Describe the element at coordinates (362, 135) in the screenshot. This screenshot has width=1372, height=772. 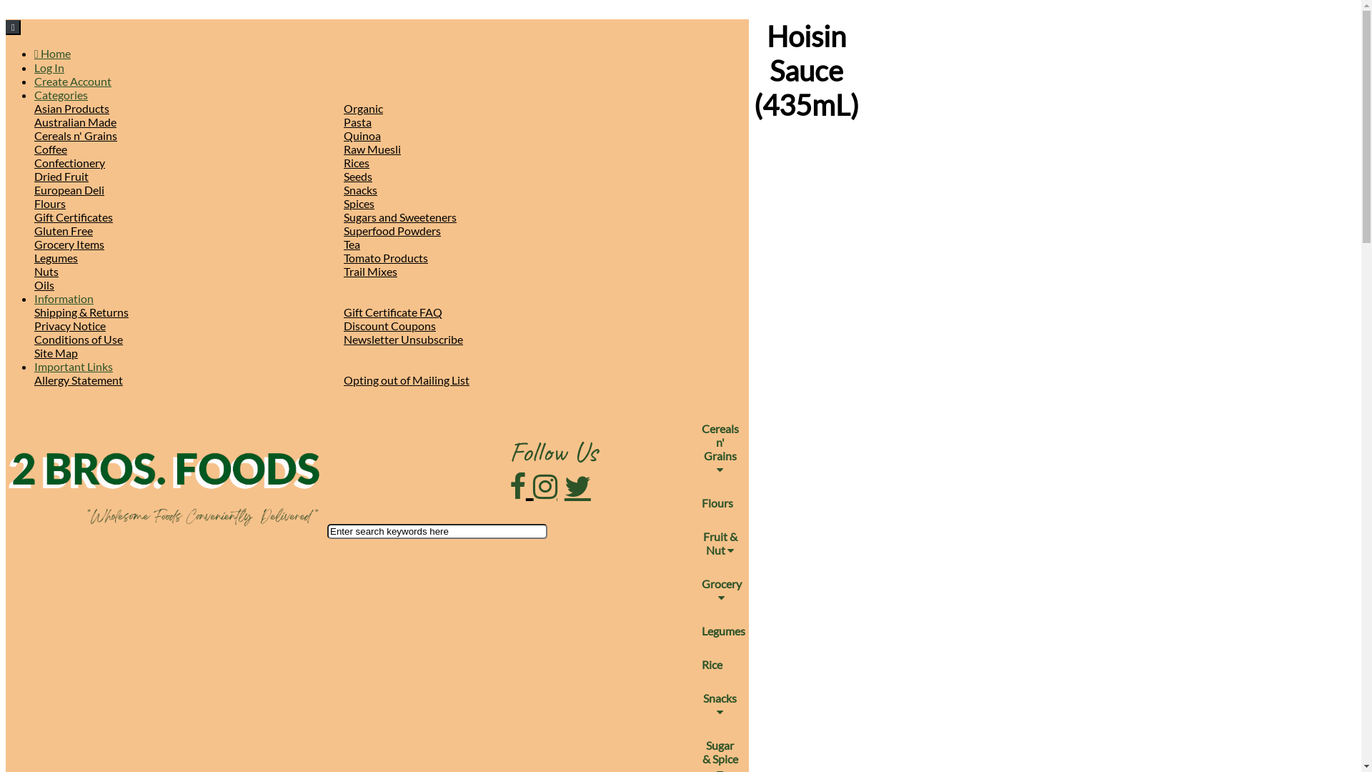
I see `'Quinoa'` at that location.